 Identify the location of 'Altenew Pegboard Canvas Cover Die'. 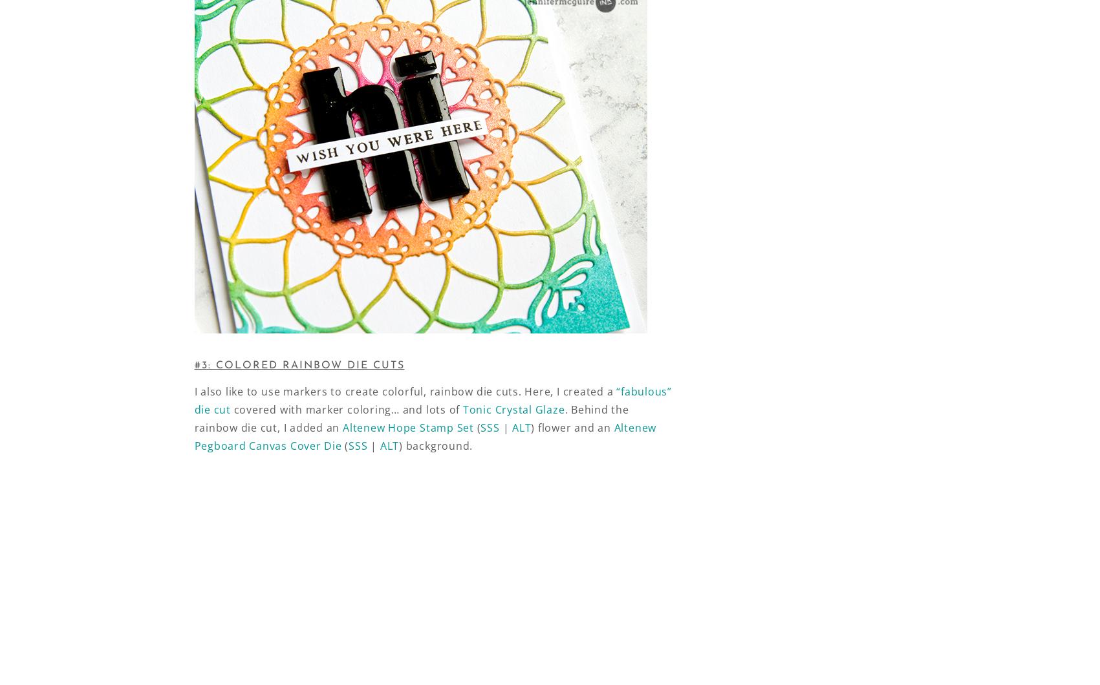
(424, 436).